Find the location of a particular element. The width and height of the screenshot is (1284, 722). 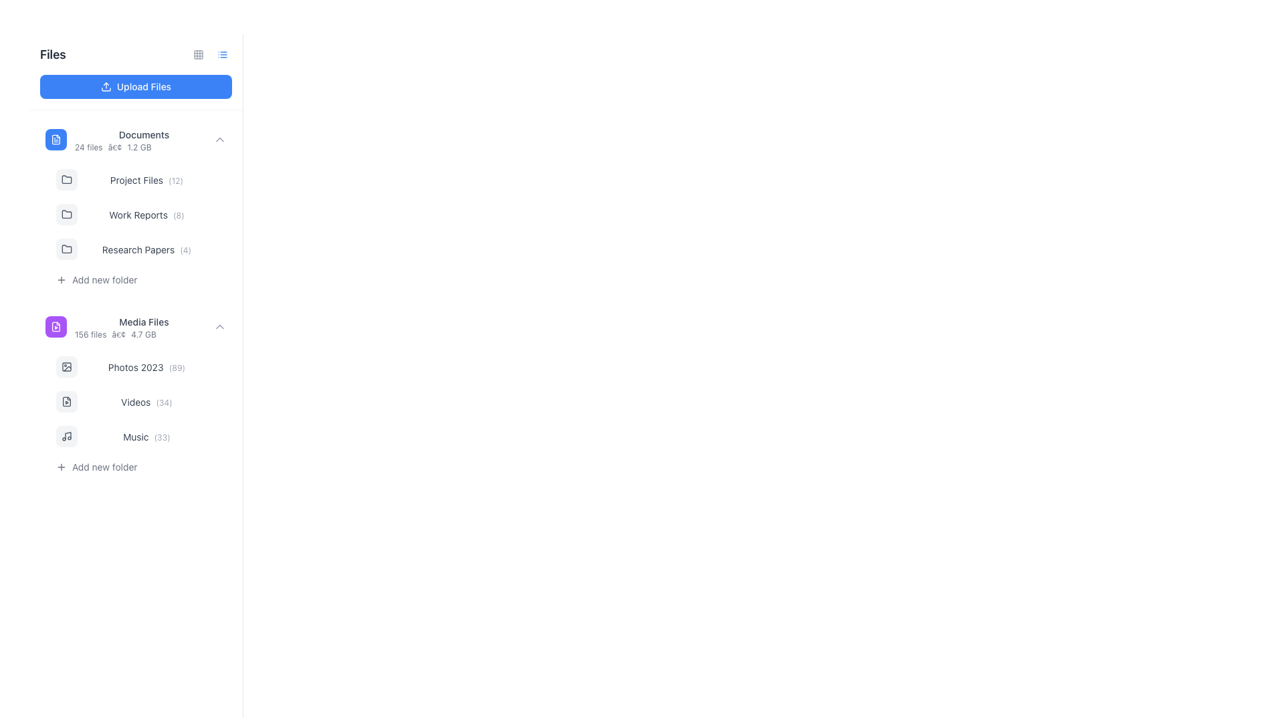

the text label element displaying 'Videos' in the left-side hierarchical navigation menu under 'Media Files', positioned to the left of the count '(34)' is located at coordinates (136, 401).